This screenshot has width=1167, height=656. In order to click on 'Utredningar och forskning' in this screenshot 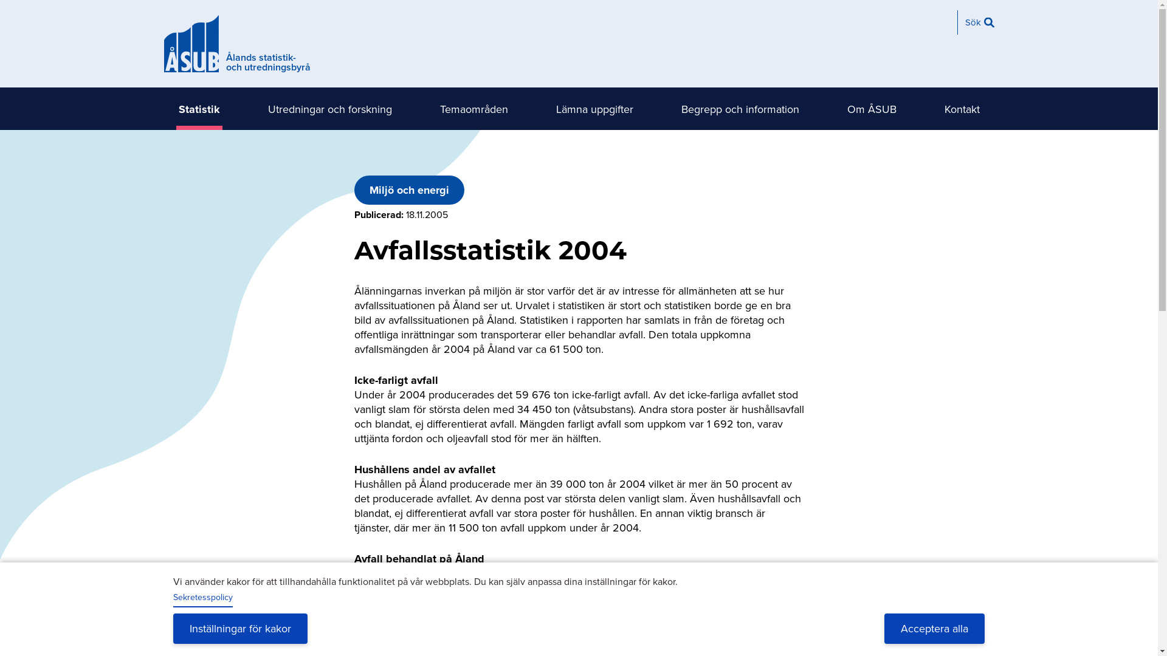, I will do `click(329, 108)`.